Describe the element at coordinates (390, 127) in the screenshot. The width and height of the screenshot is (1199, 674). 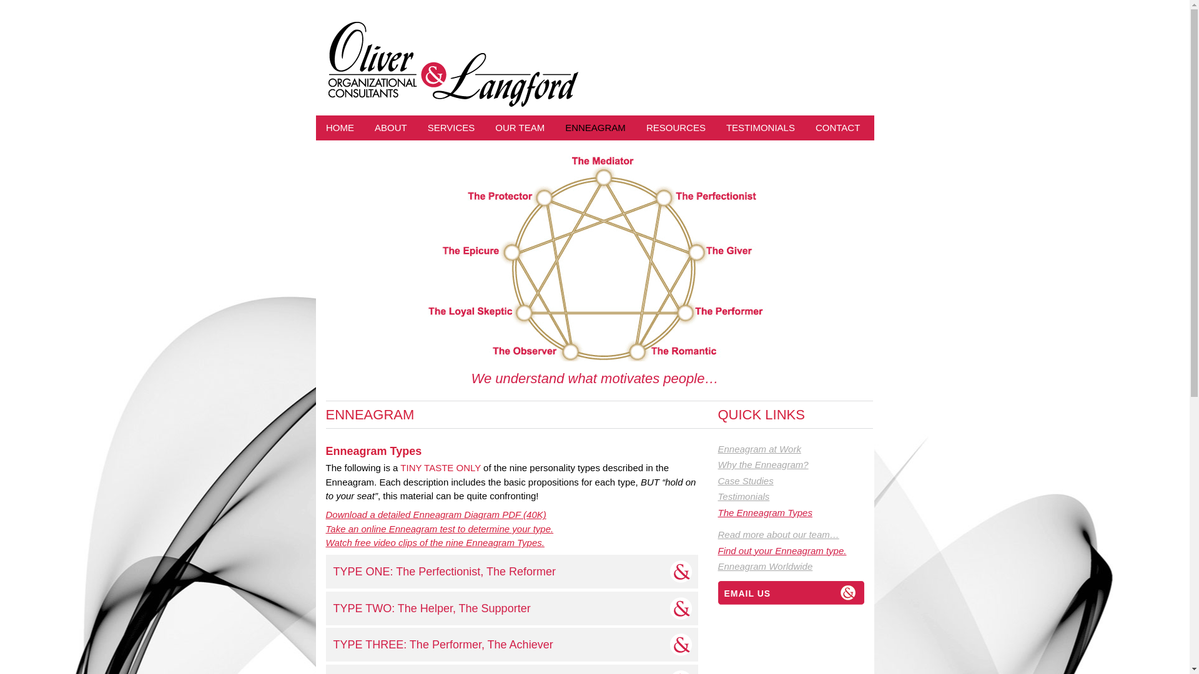
I see `'ABOUT'` at that location.